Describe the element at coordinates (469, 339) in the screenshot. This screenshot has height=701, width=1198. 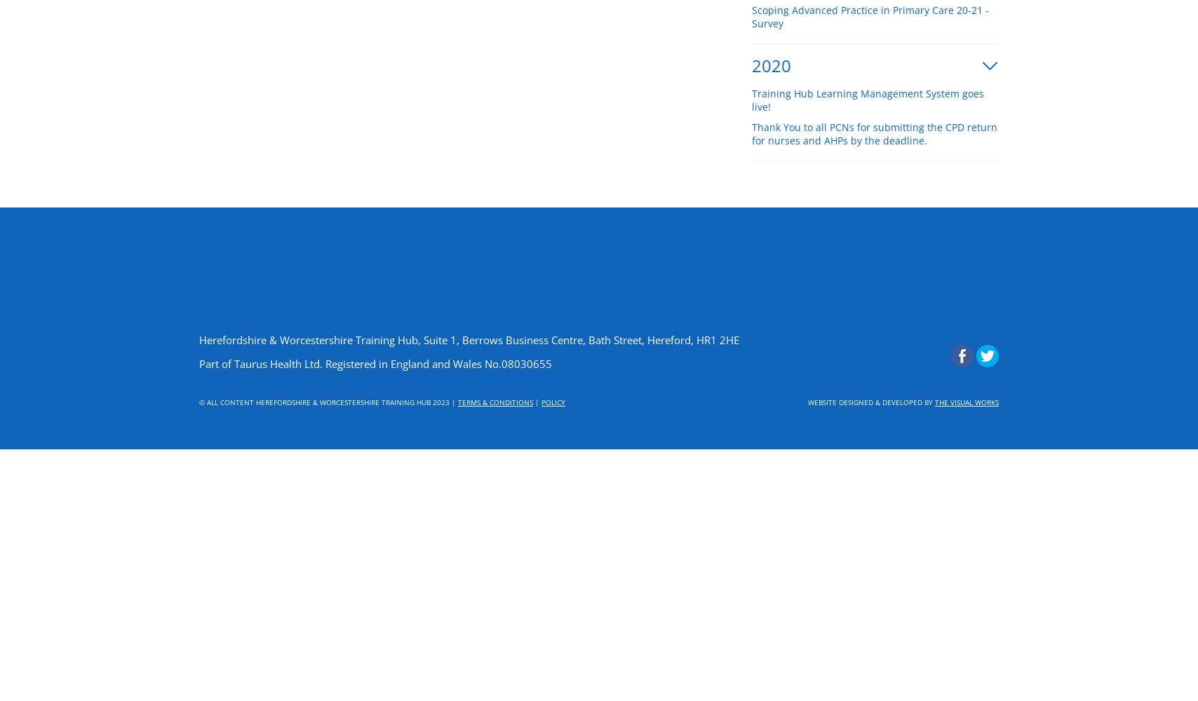
I see `'Herefordshire & Worcestershire Training Hub, Suite 1, Berrows Business Centre, Bath Street, Hereford, HR1 2HE'` at that location.